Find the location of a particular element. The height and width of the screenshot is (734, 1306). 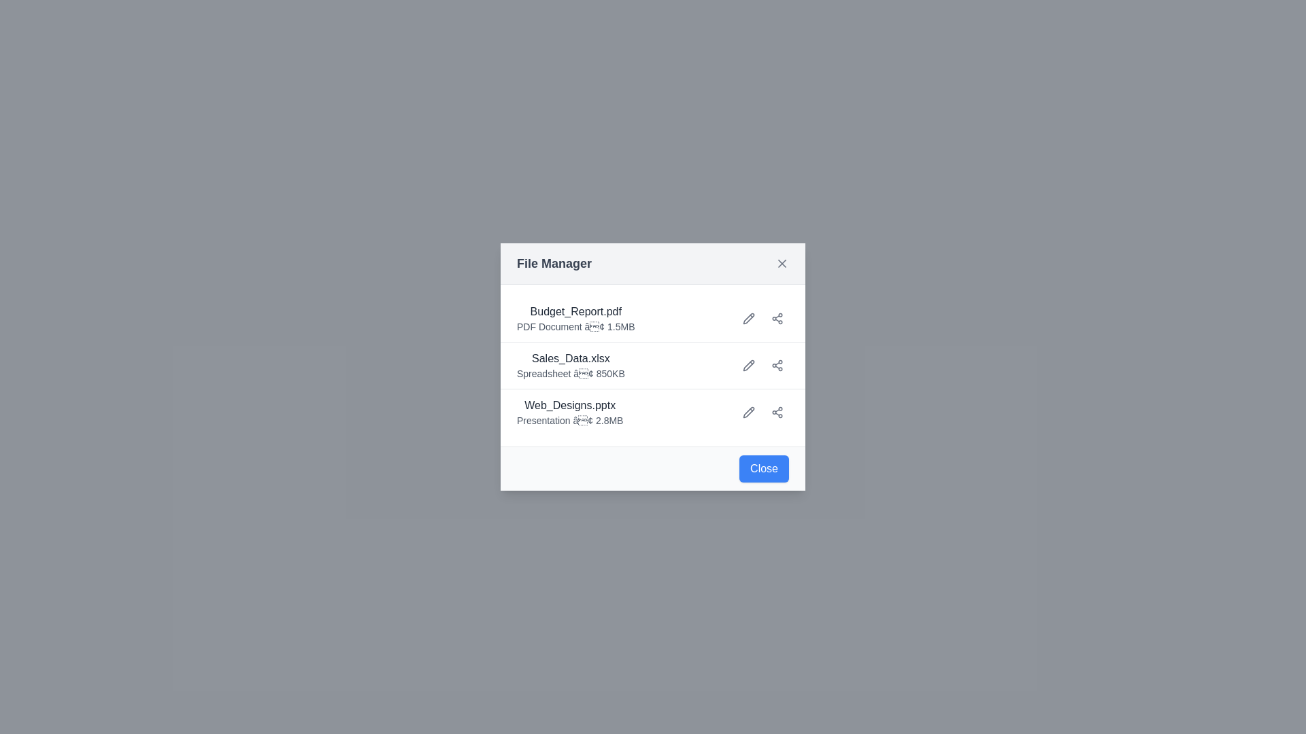

the share icon for the file named Web_Designs.pptx is located at coordinates (777, 411).